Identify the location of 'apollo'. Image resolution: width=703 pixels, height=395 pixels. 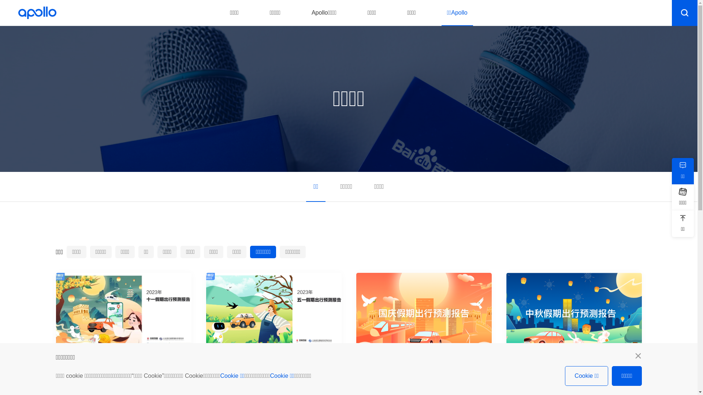
(37, 12).